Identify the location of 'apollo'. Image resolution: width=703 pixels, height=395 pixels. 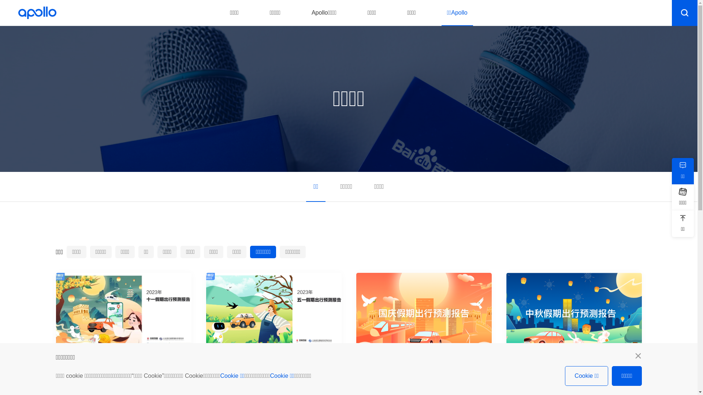
(37, 12).